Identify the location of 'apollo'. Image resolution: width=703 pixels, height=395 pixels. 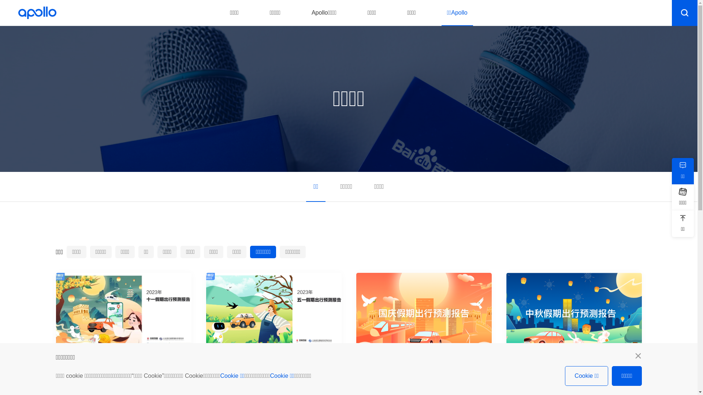
(37, 12).